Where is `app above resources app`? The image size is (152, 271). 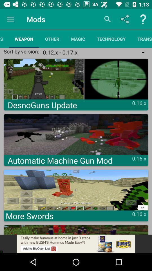
app above resources app is located at coordinates (10, 19).